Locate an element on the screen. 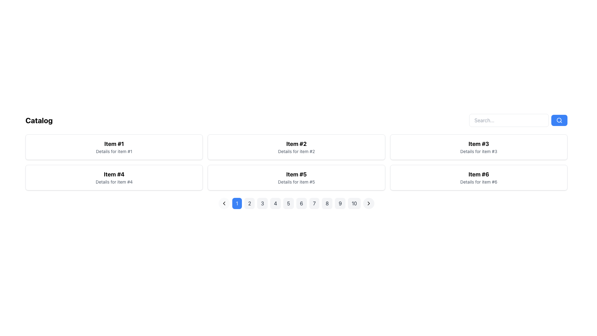 The width and height of the screenshot is (597, 336). the card containing the header 'Item #2' with a bordered and rounded outline, located in the top row, middle column of the grid layout is located at coordinates (296, 147).